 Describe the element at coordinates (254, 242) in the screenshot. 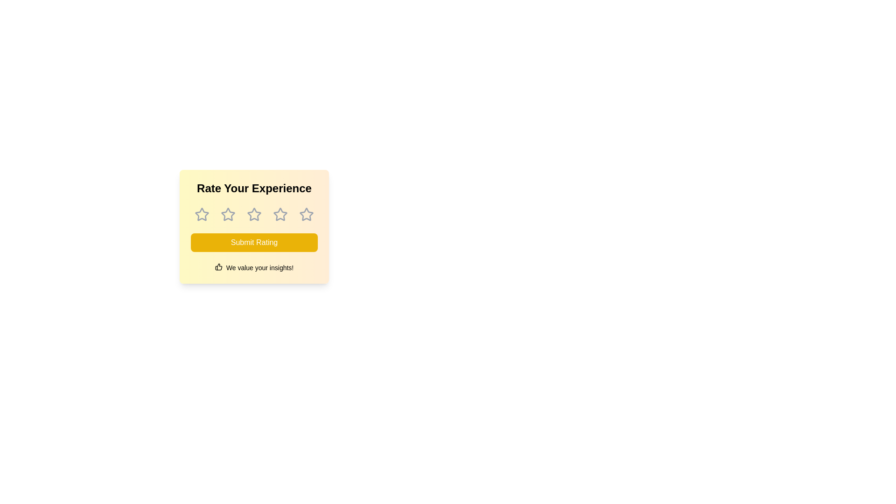

I see `the submit button located beneath the rating stars` at that location.